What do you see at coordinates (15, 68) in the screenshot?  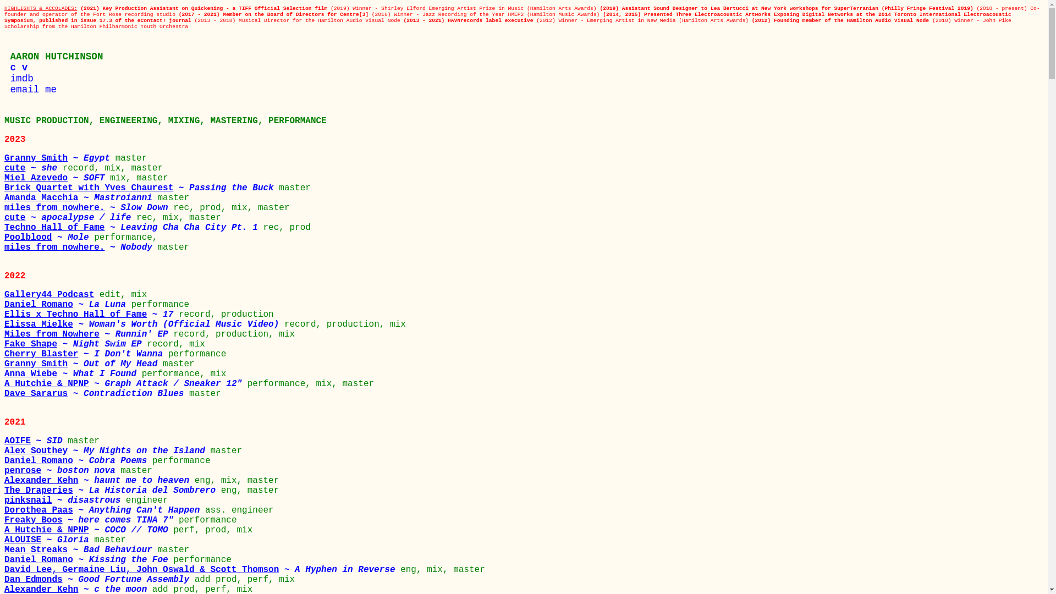 I see `' c v'` at bounding box center [15, 68].